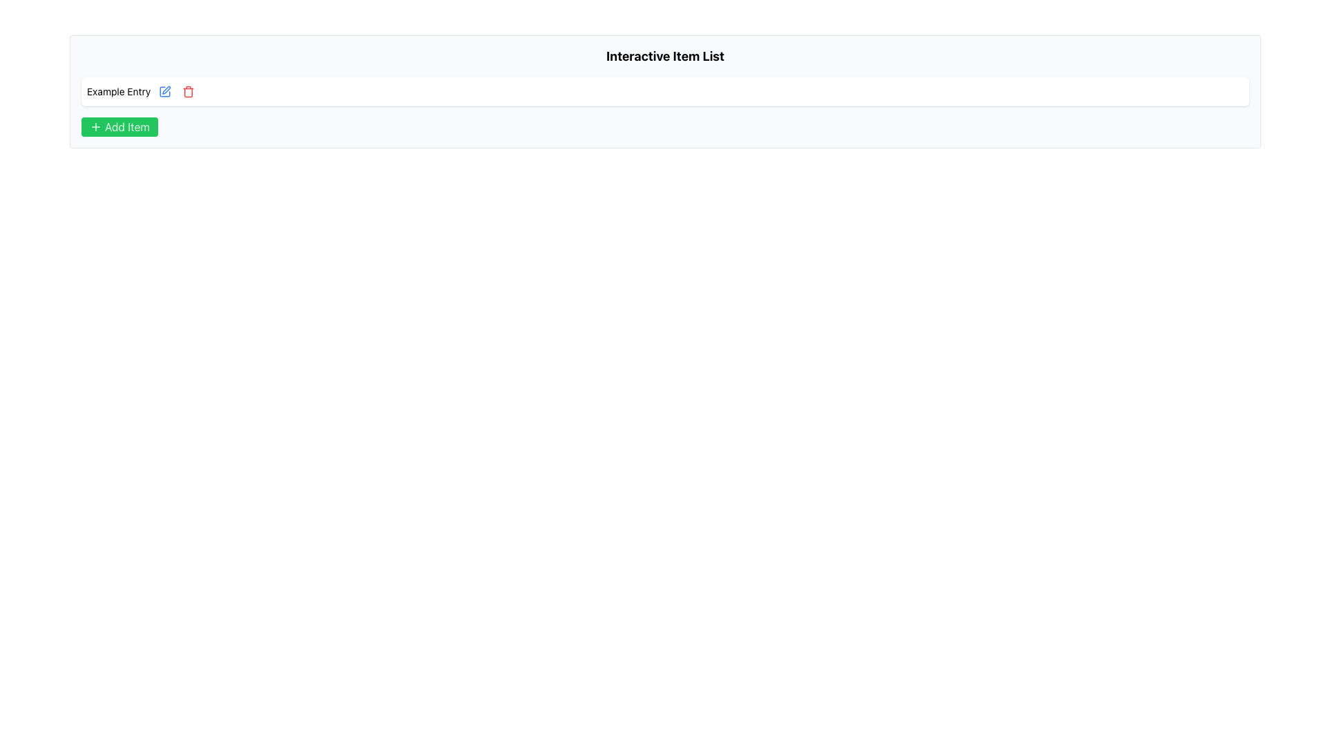 This screenshot has width=1326, height=746. Describe the element at coordinates (165, 91) in the screenshot. I see `the Edit button icon located in the interactive action bar to initiate editing for the 'Example Entry' item` at that location.